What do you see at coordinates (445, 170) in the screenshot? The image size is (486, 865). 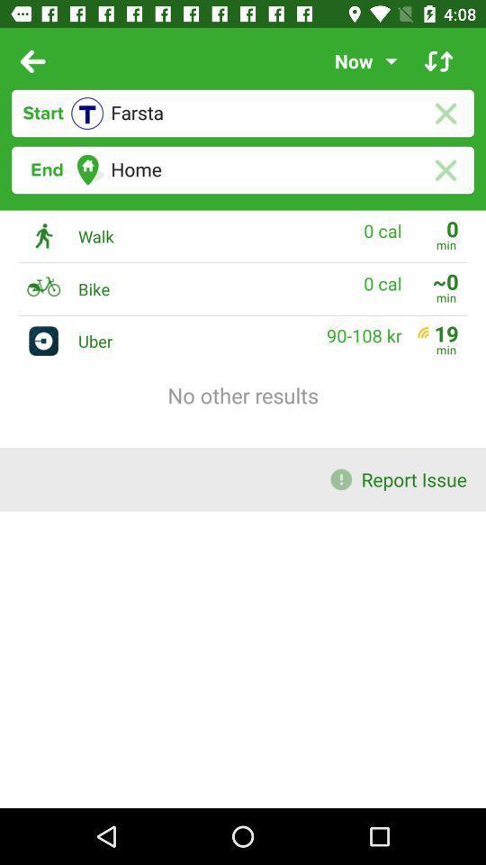 I see `cancel end location` at bounding box center [445, 170].